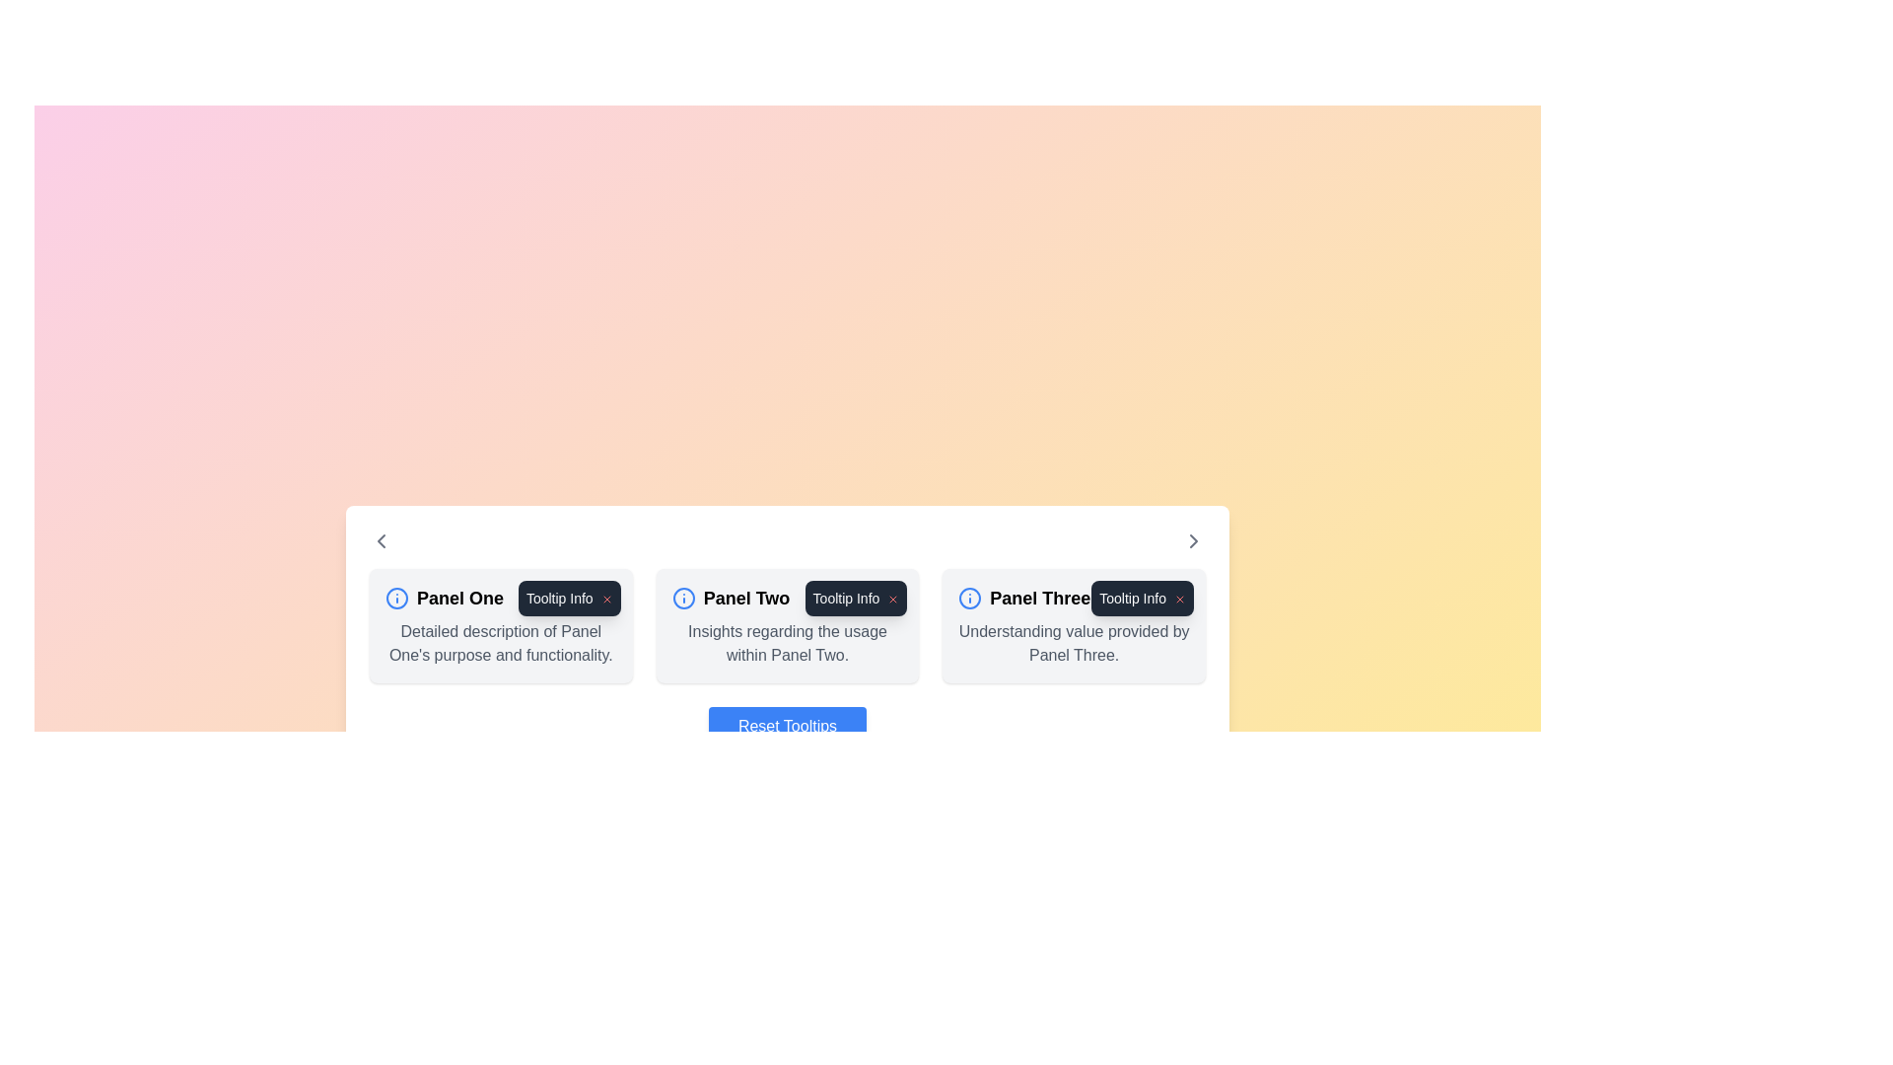 The image size is (1893, 1065). What do you see at coordinates (786, 626) in the screenshot?
I see `the tooltip in the Content Panel that provides additional information about 'Panel Two'` at bounding box center [786, 626].